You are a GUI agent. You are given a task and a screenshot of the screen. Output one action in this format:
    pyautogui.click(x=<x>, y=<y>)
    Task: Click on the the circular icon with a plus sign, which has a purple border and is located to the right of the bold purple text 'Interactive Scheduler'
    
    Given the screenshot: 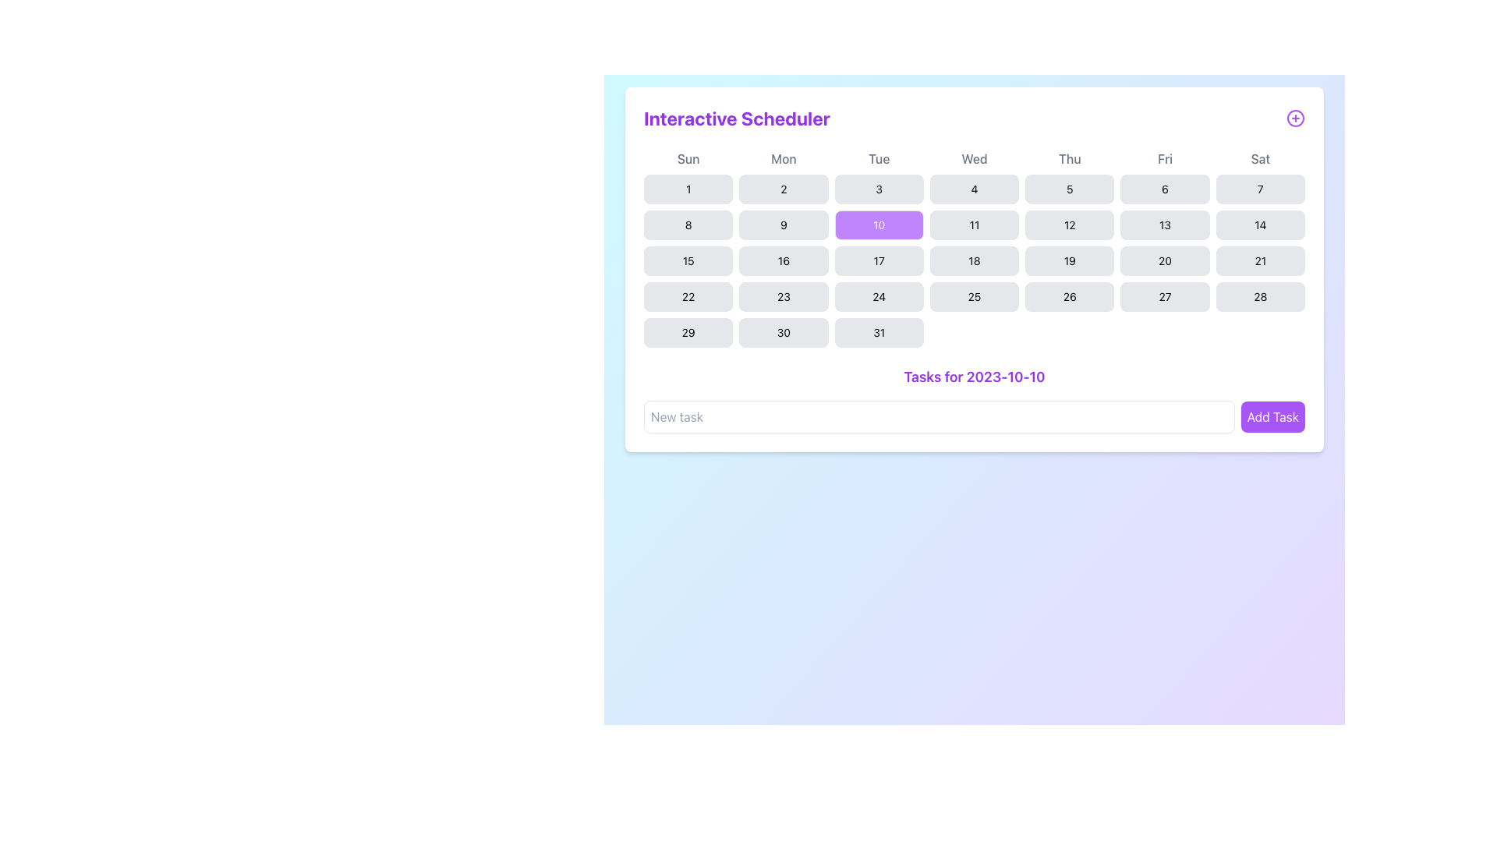 What is the action you would take?
    pyautogui.click(x=1295, y=117)
    